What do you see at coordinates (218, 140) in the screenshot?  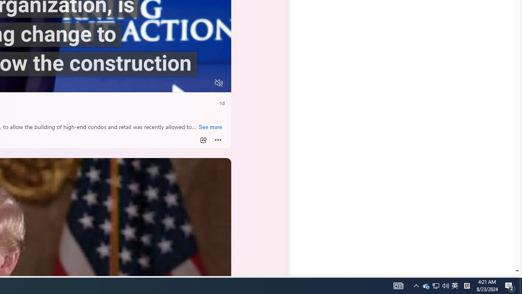 I see `'More'` at bounding box center [218, 140].